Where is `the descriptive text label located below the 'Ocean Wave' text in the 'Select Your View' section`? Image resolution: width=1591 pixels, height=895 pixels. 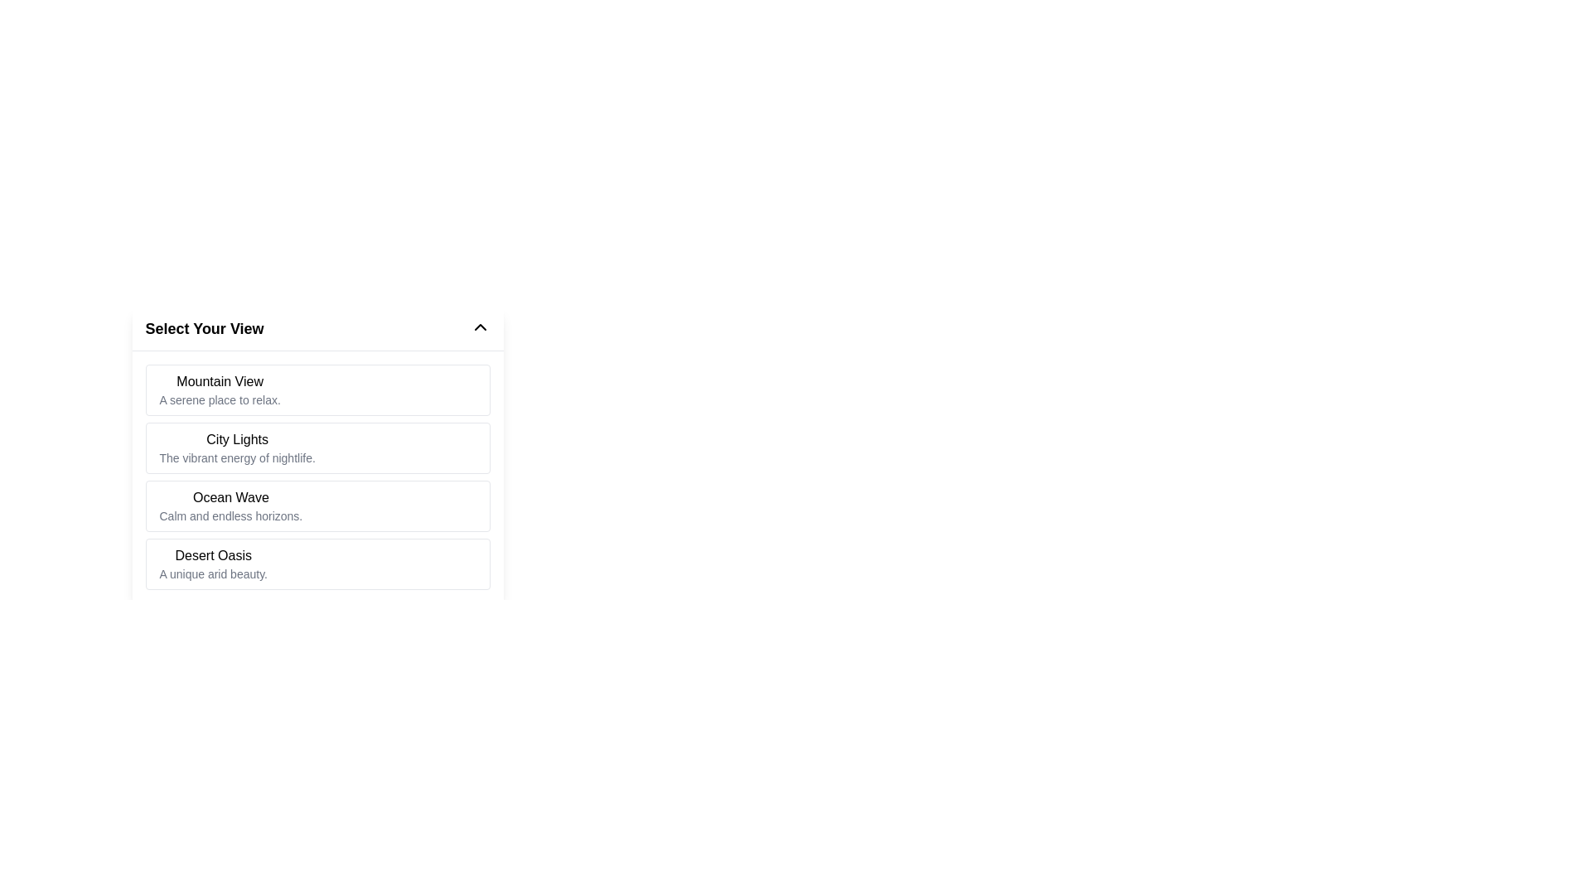
the descriptive text label located below the 'Ocean Wave' text in the 'Select Your View' section is located at coordinates (230, 515).